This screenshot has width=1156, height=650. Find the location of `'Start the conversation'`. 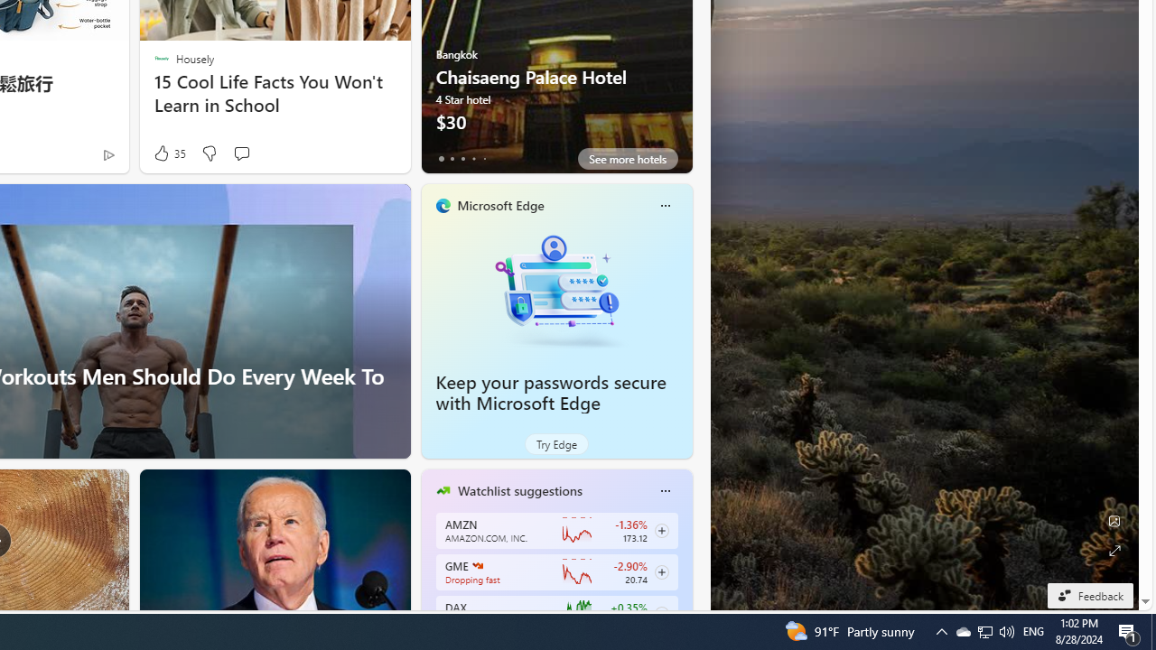

'Start the conversation' is located at coordinates (240, 153).